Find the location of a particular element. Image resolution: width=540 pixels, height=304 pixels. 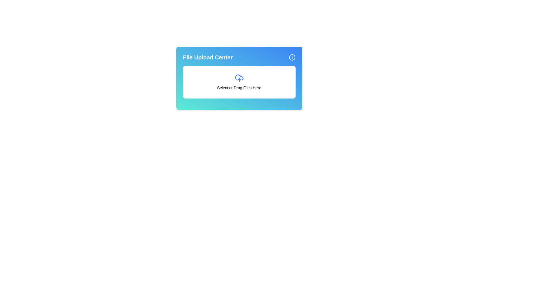

the Interactive Upload Zone, which is centrally aligned below the 'File Upload Center' heading is located at coordinates (239, 82).